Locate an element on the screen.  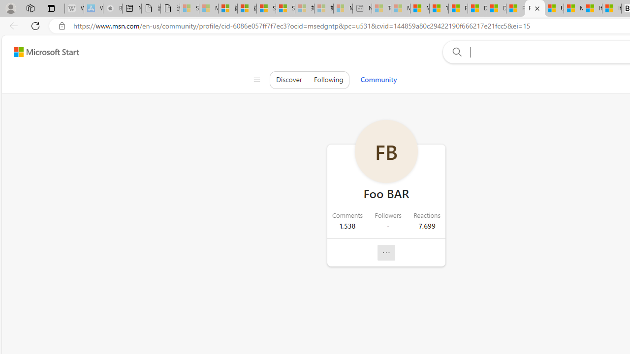
'Community' is located at coordinates (378, 79).